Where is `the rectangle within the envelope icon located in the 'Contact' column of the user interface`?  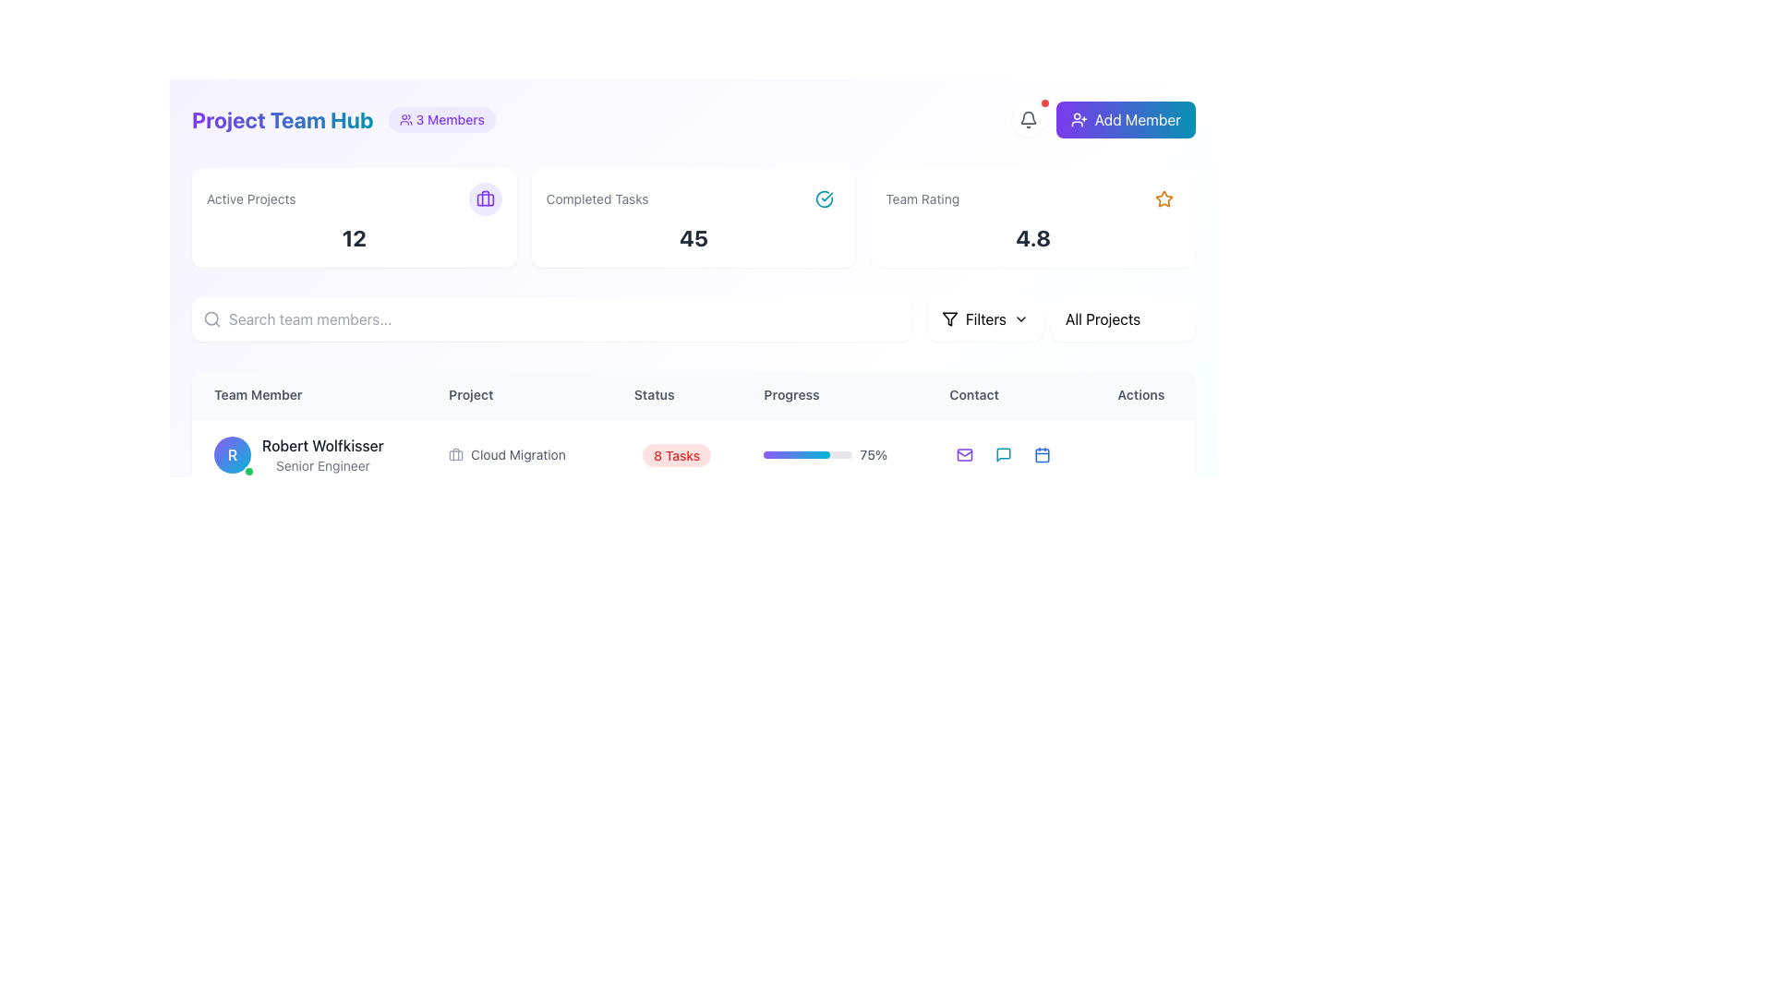
the rectangle within the envelope icon located in the 'Contact' column of the user interface is located at coordinates (964, 455).